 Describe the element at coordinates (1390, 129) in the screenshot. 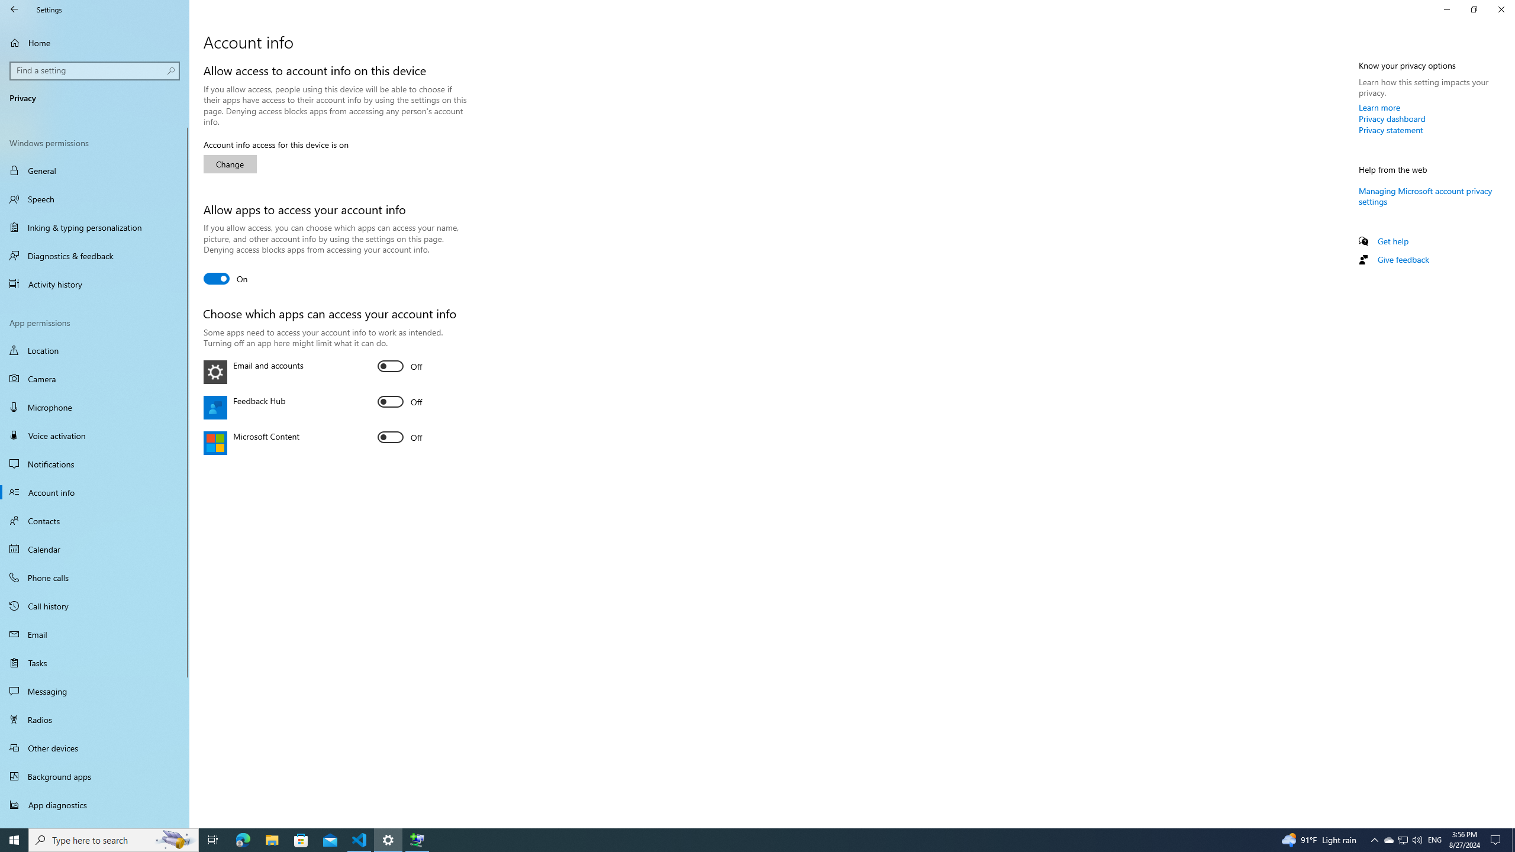

I see `'Privacy statement'` at that location.